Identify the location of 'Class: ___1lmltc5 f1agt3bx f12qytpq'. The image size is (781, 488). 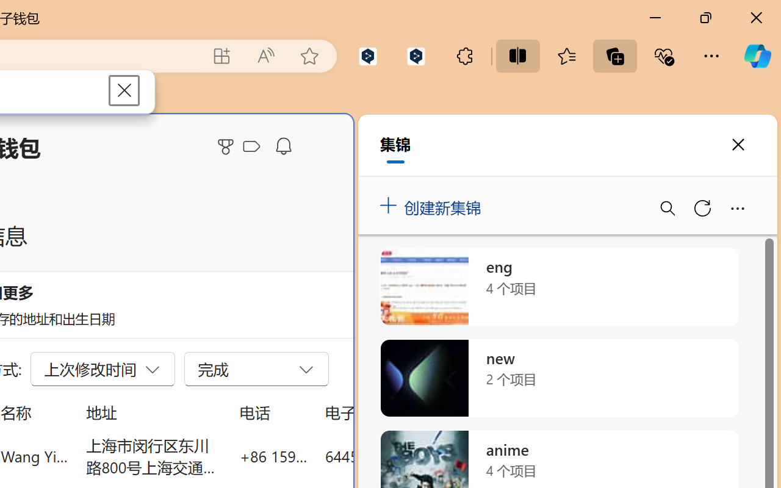
(251, 146).